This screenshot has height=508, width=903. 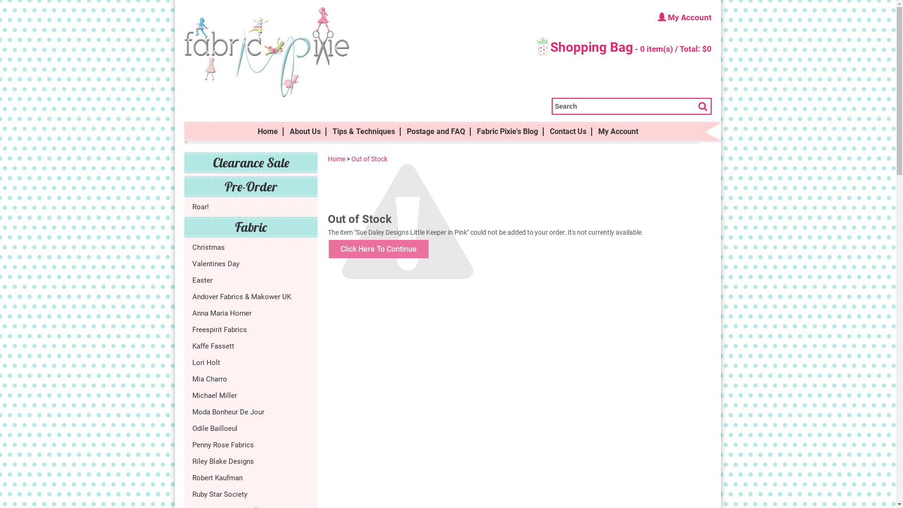 I want to click on 'Odile Bailloeul', so click(x=251, y=428).